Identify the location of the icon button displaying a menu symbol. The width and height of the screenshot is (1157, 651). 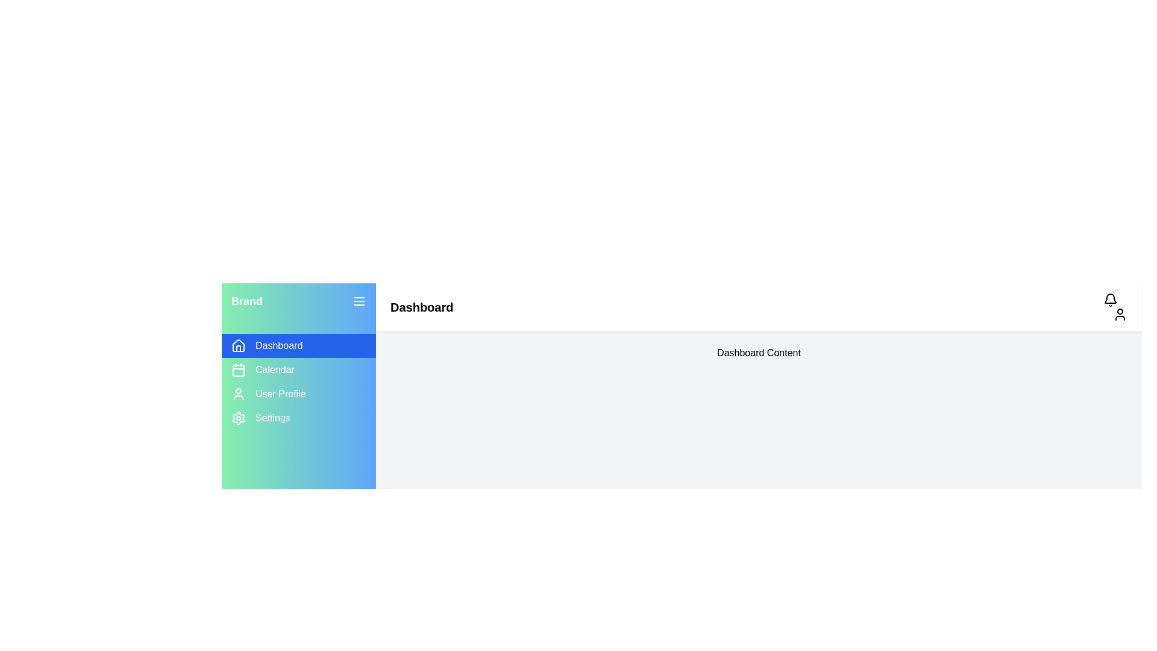
(358, 301).